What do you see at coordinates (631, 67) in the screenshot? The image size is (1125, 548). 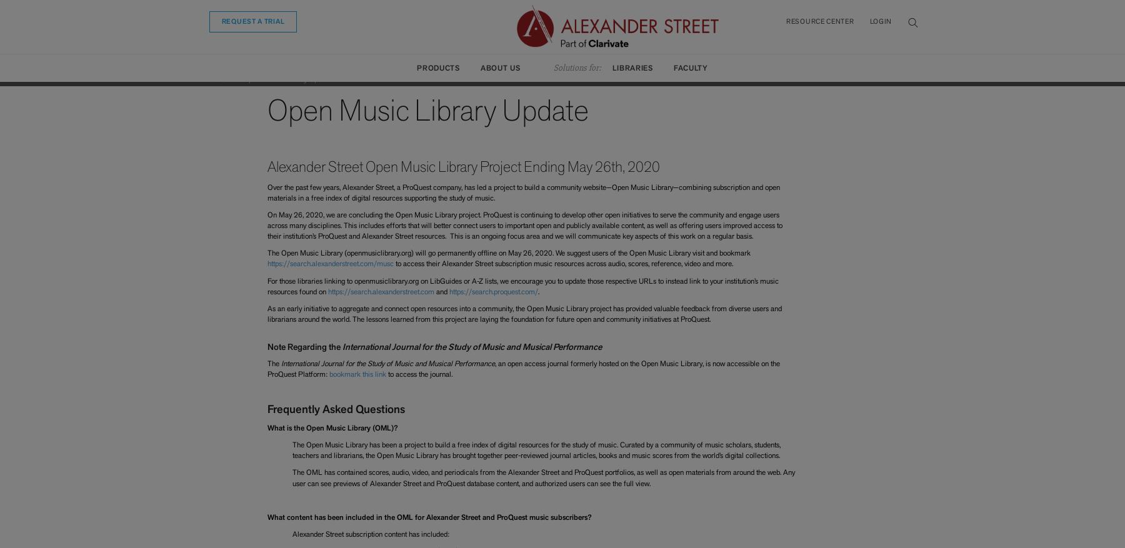 I see `'Libraries'` at bounding box center [631, 67].